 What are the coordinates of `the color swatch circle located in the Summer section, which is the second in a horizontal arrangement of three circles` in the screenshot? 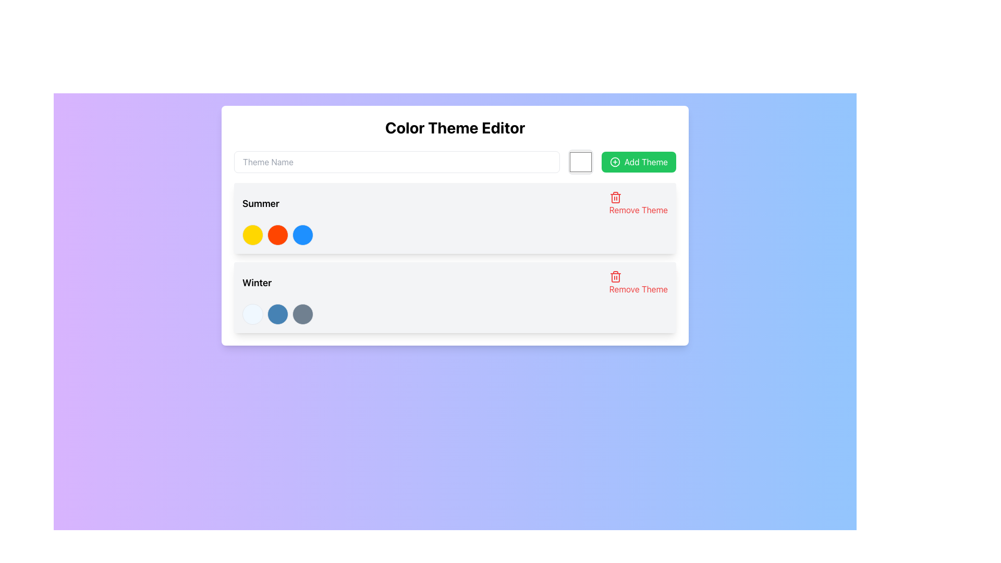 It's located at (277, 235).